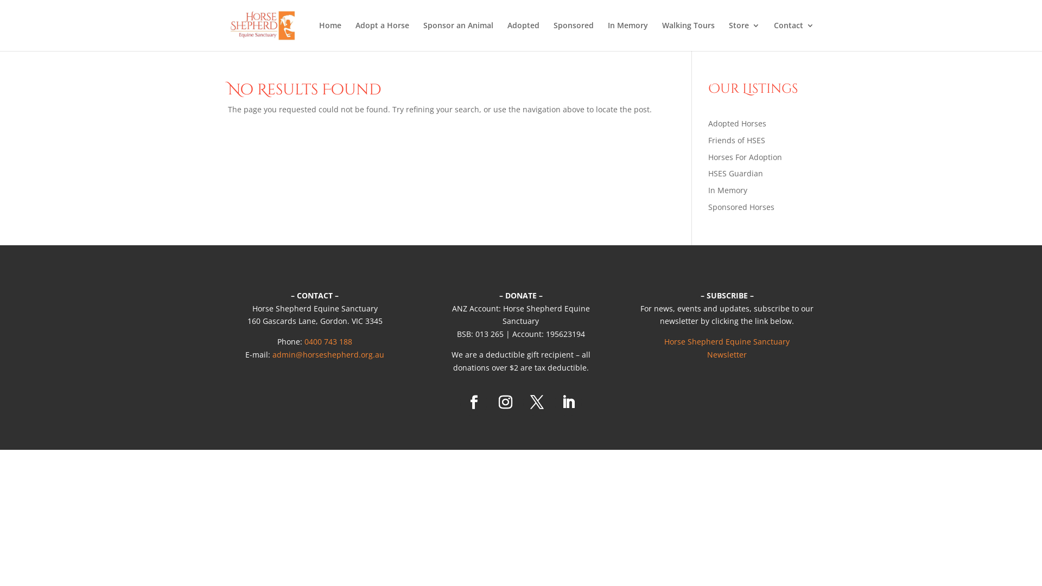 This screenshot has height=586, width=1042. I want to click on 'Contact', so click(794, 35).